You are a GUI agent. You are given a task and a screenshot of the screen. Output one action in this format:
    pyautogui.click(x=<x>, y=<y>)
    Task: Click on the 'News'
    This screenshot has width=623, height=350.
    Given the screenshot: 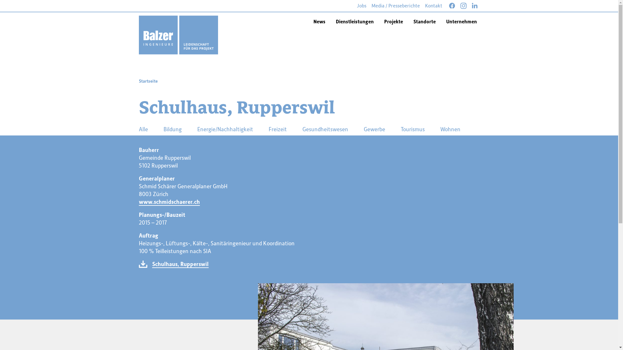 What is the action you would take?
    pyautogui.click(x=319, y=20)
    